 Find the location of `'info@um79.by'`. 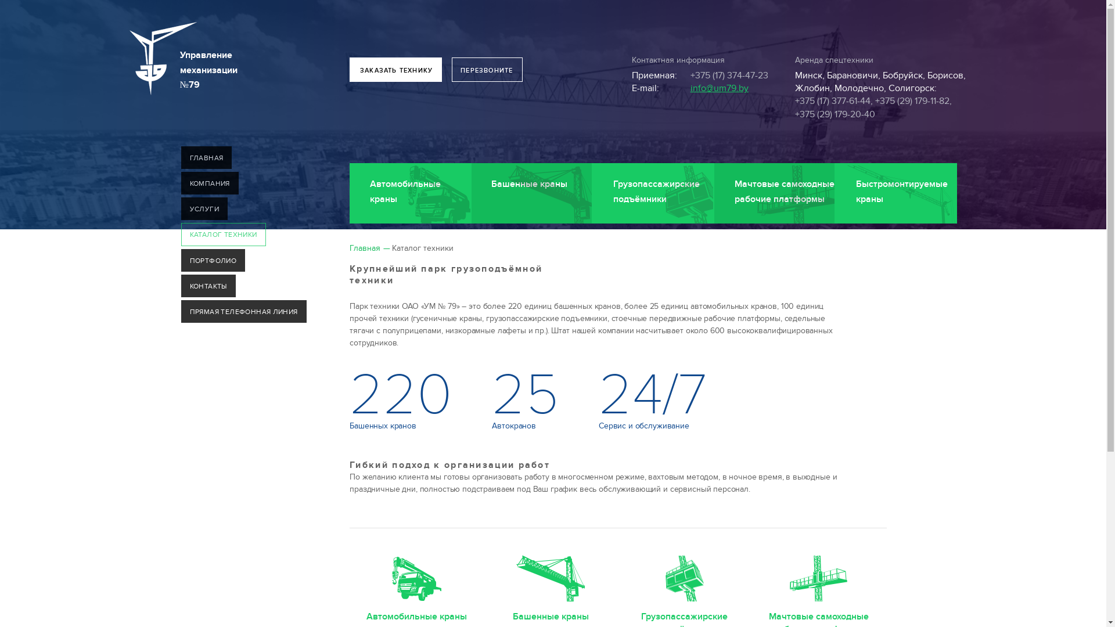

'info@um79.by' is located at coordinates (718, 87).